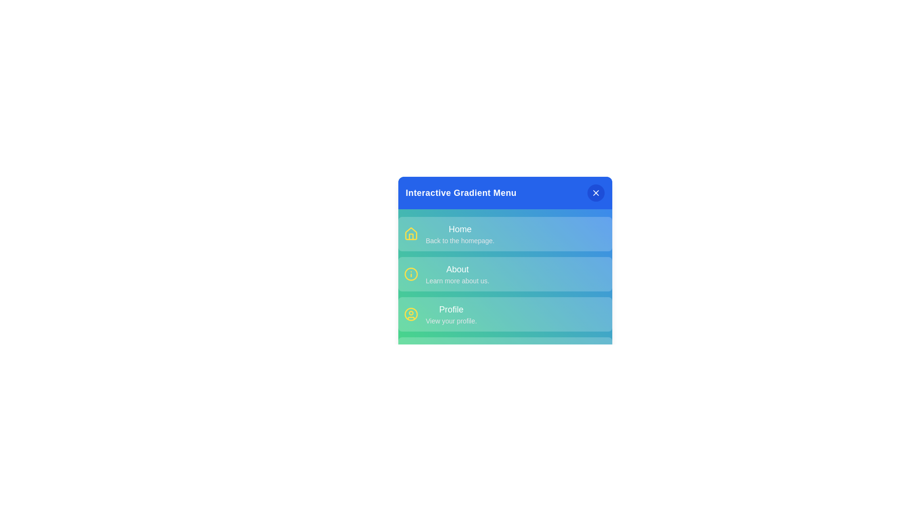  I want to click on the menu item About to read its description, so click(457, 269).